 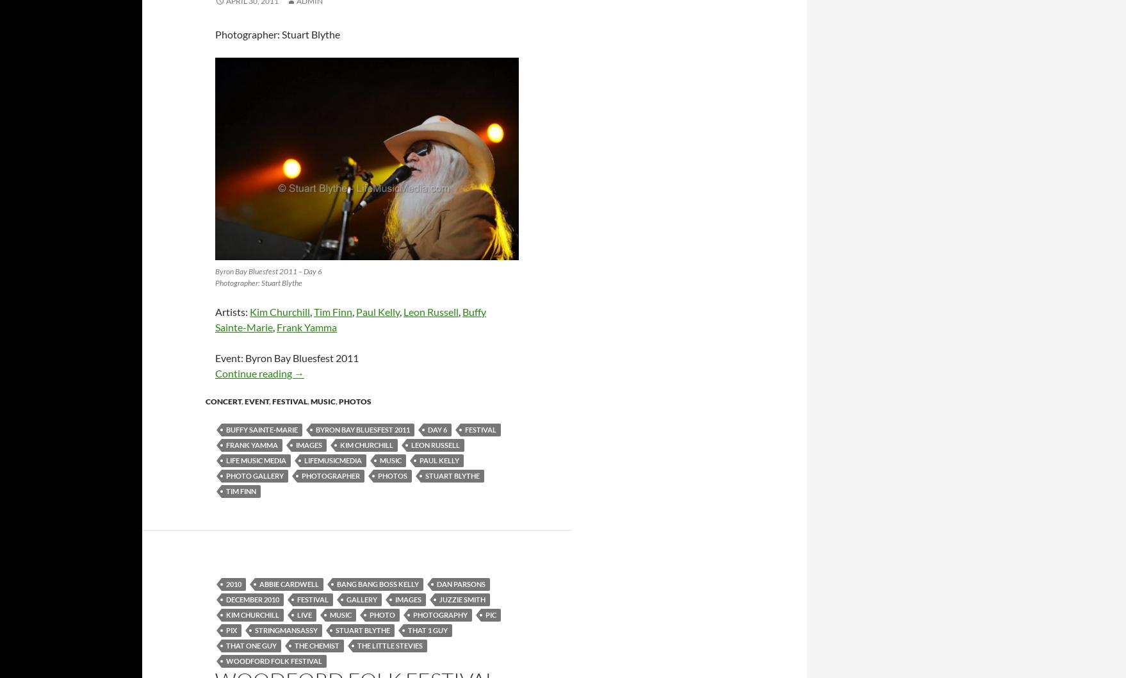 I want to click on 'Day 6', so click(x=437, y=428).